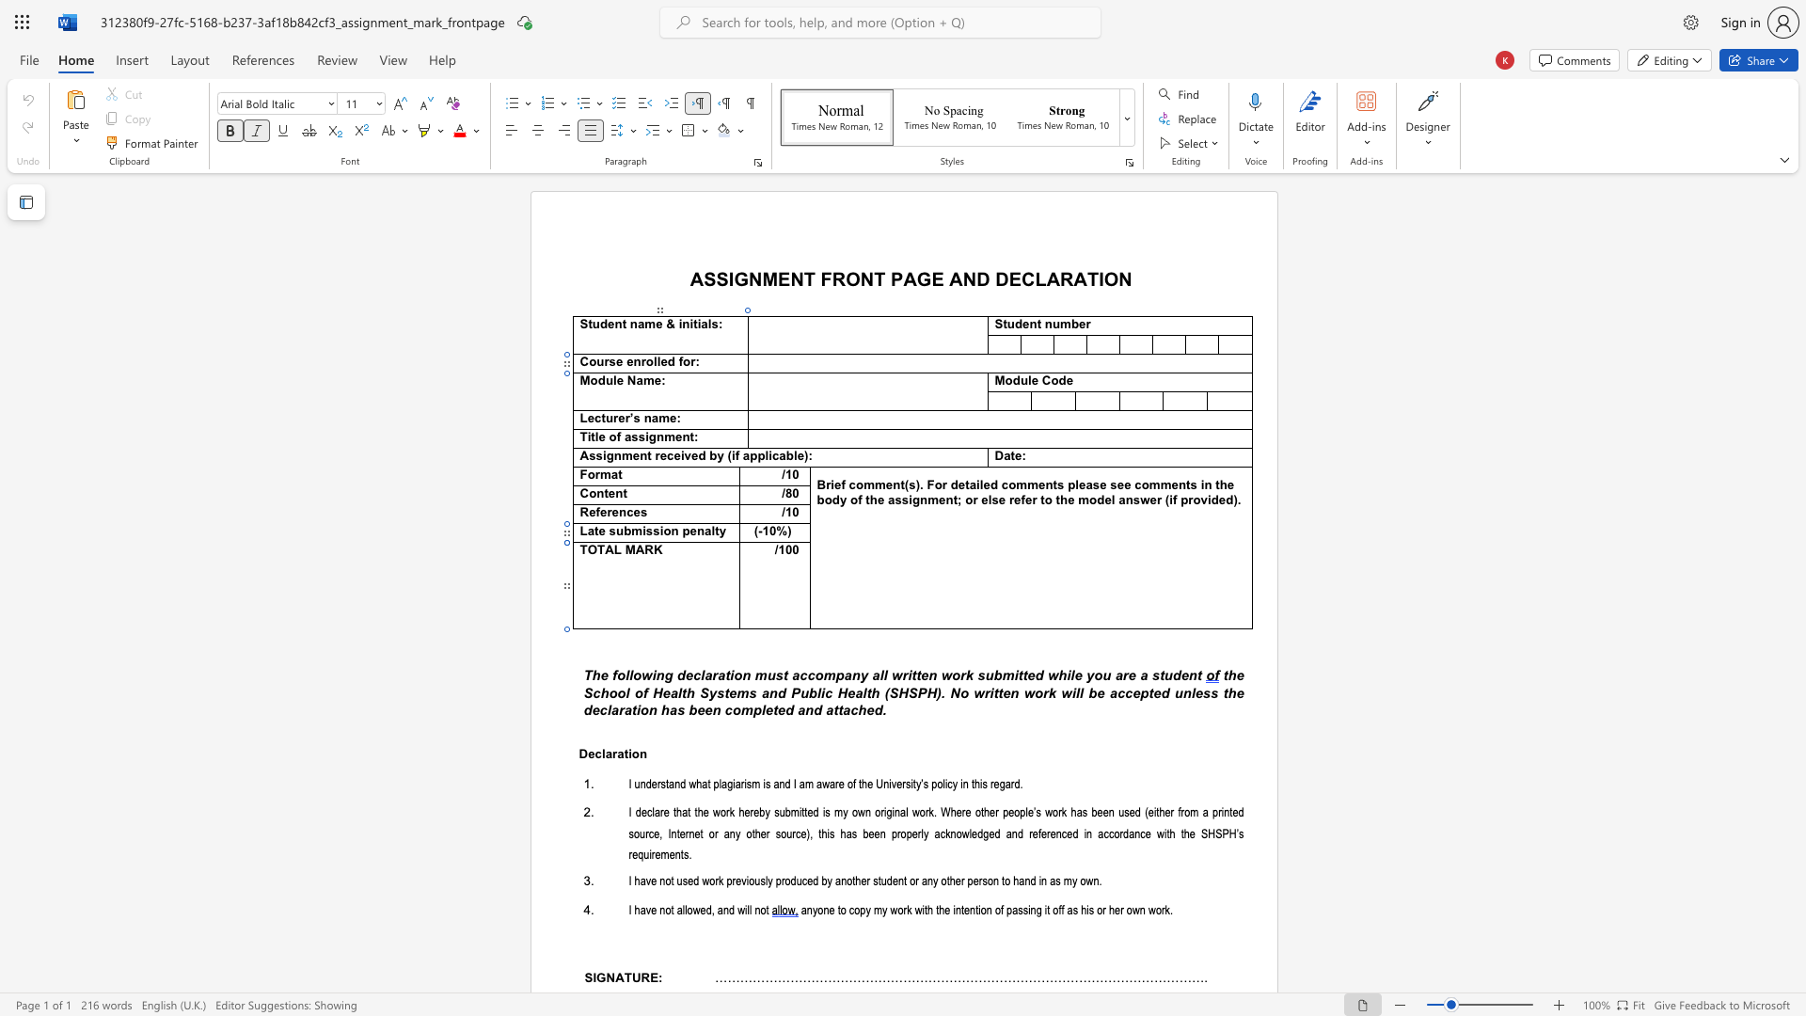  What do you see at coordinates (1097, 278) in the screenshot?
I see `the space between the continuous character "T" and "I" in the text` at bounding box center [1097, 278].